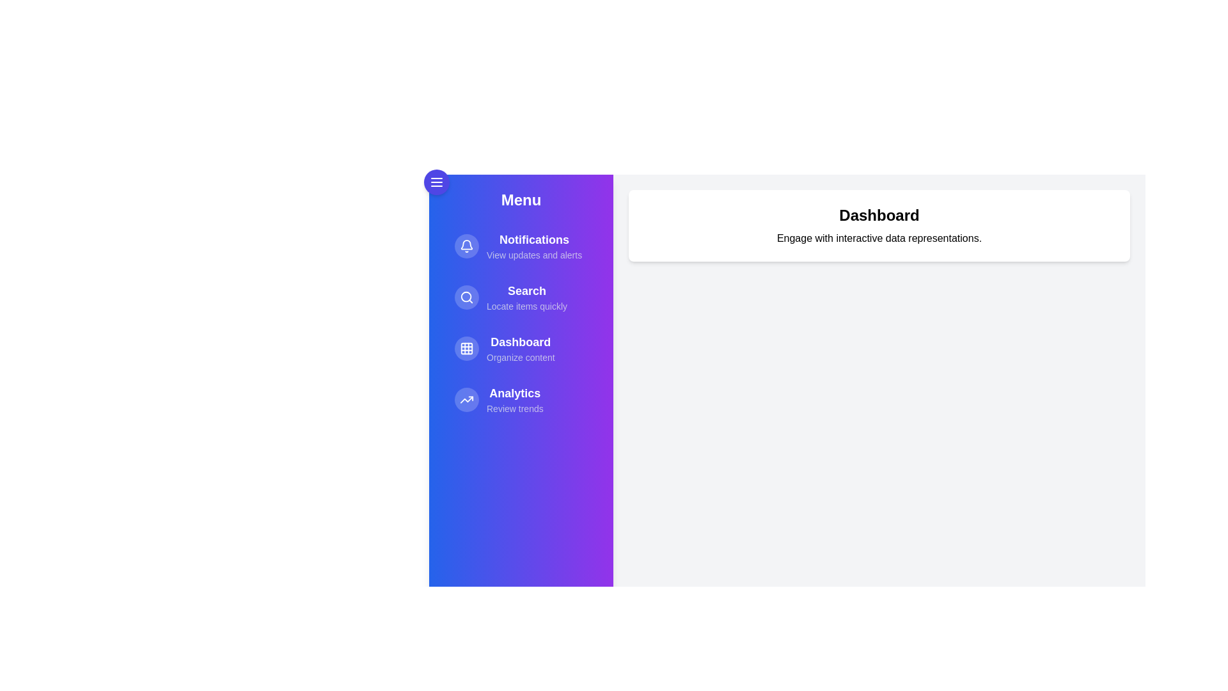 This screenshot has width=1228, height=691. I want to click on the menu item Analytics to navigate or perform its action, so click(521, 399).